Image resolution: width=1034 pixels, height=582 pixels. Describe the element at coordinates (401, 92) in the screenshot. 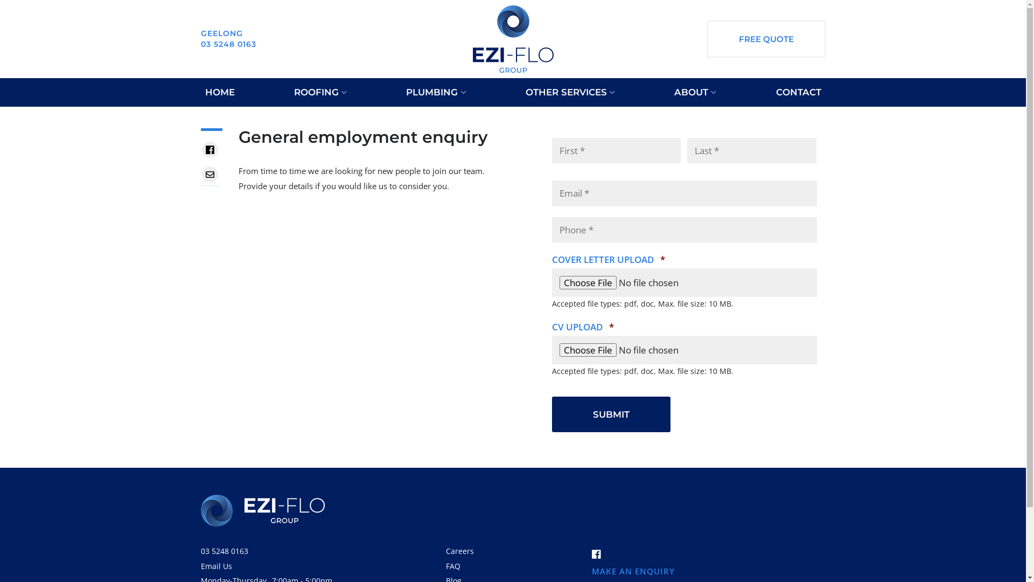

I see `'PLUMBING'` at that location.